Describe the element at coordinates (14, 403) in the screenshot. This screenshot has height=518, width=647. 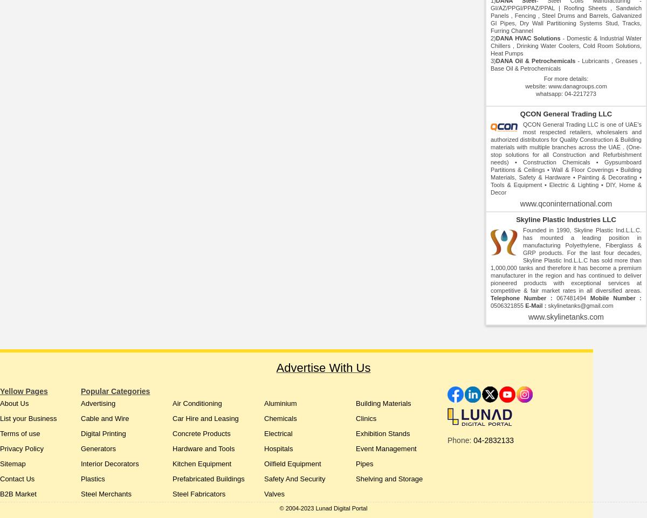
I see `'About Us'` at that location.